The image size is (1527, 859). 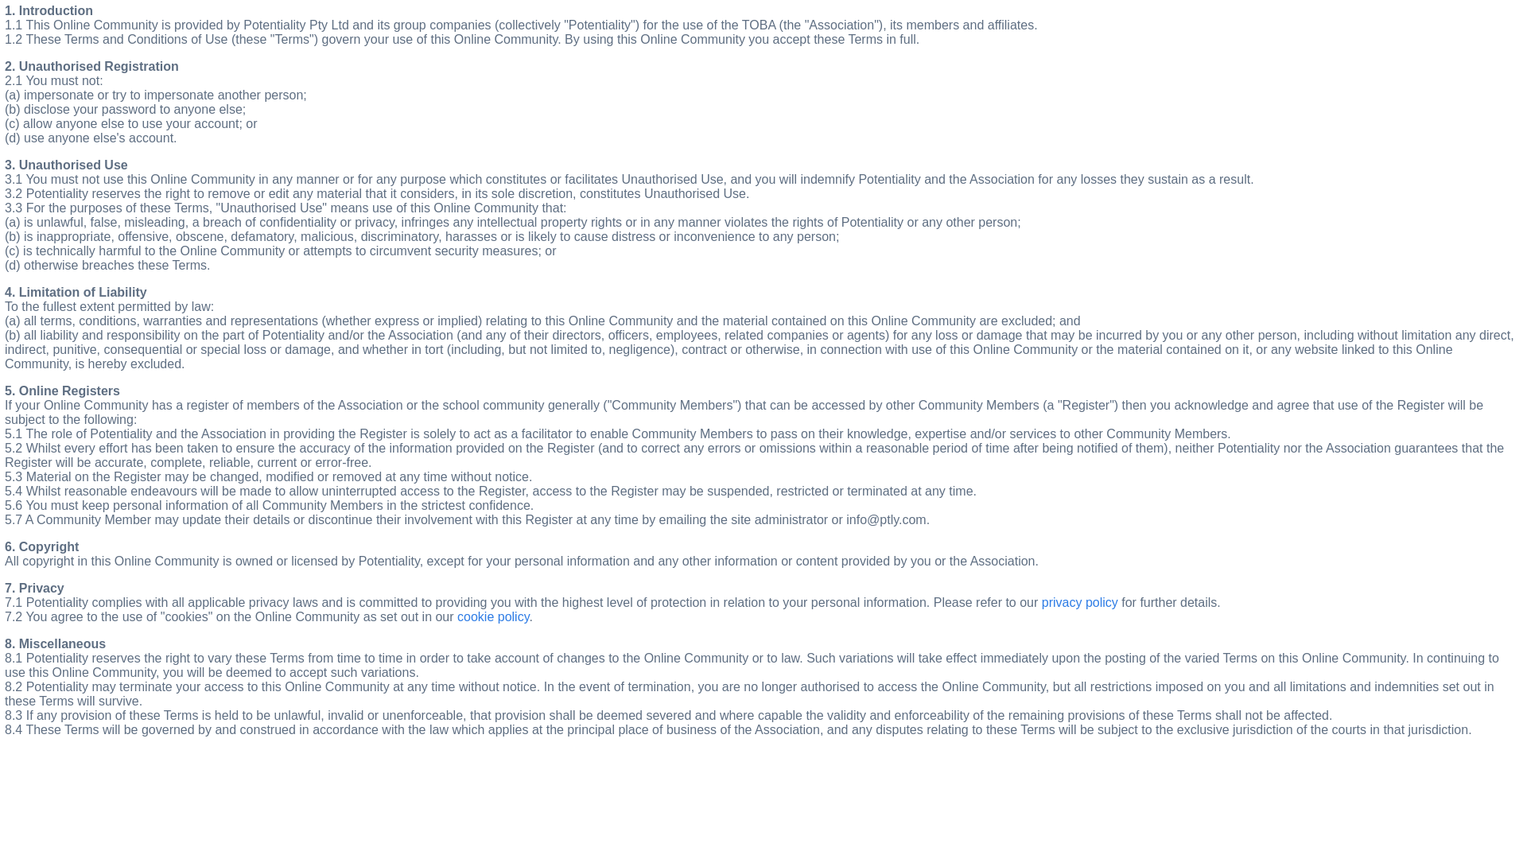 What do you see at coordinates (1080, 602) in the screenshot?
I see `'privacy policy'` at bounding box center [1080, 602].